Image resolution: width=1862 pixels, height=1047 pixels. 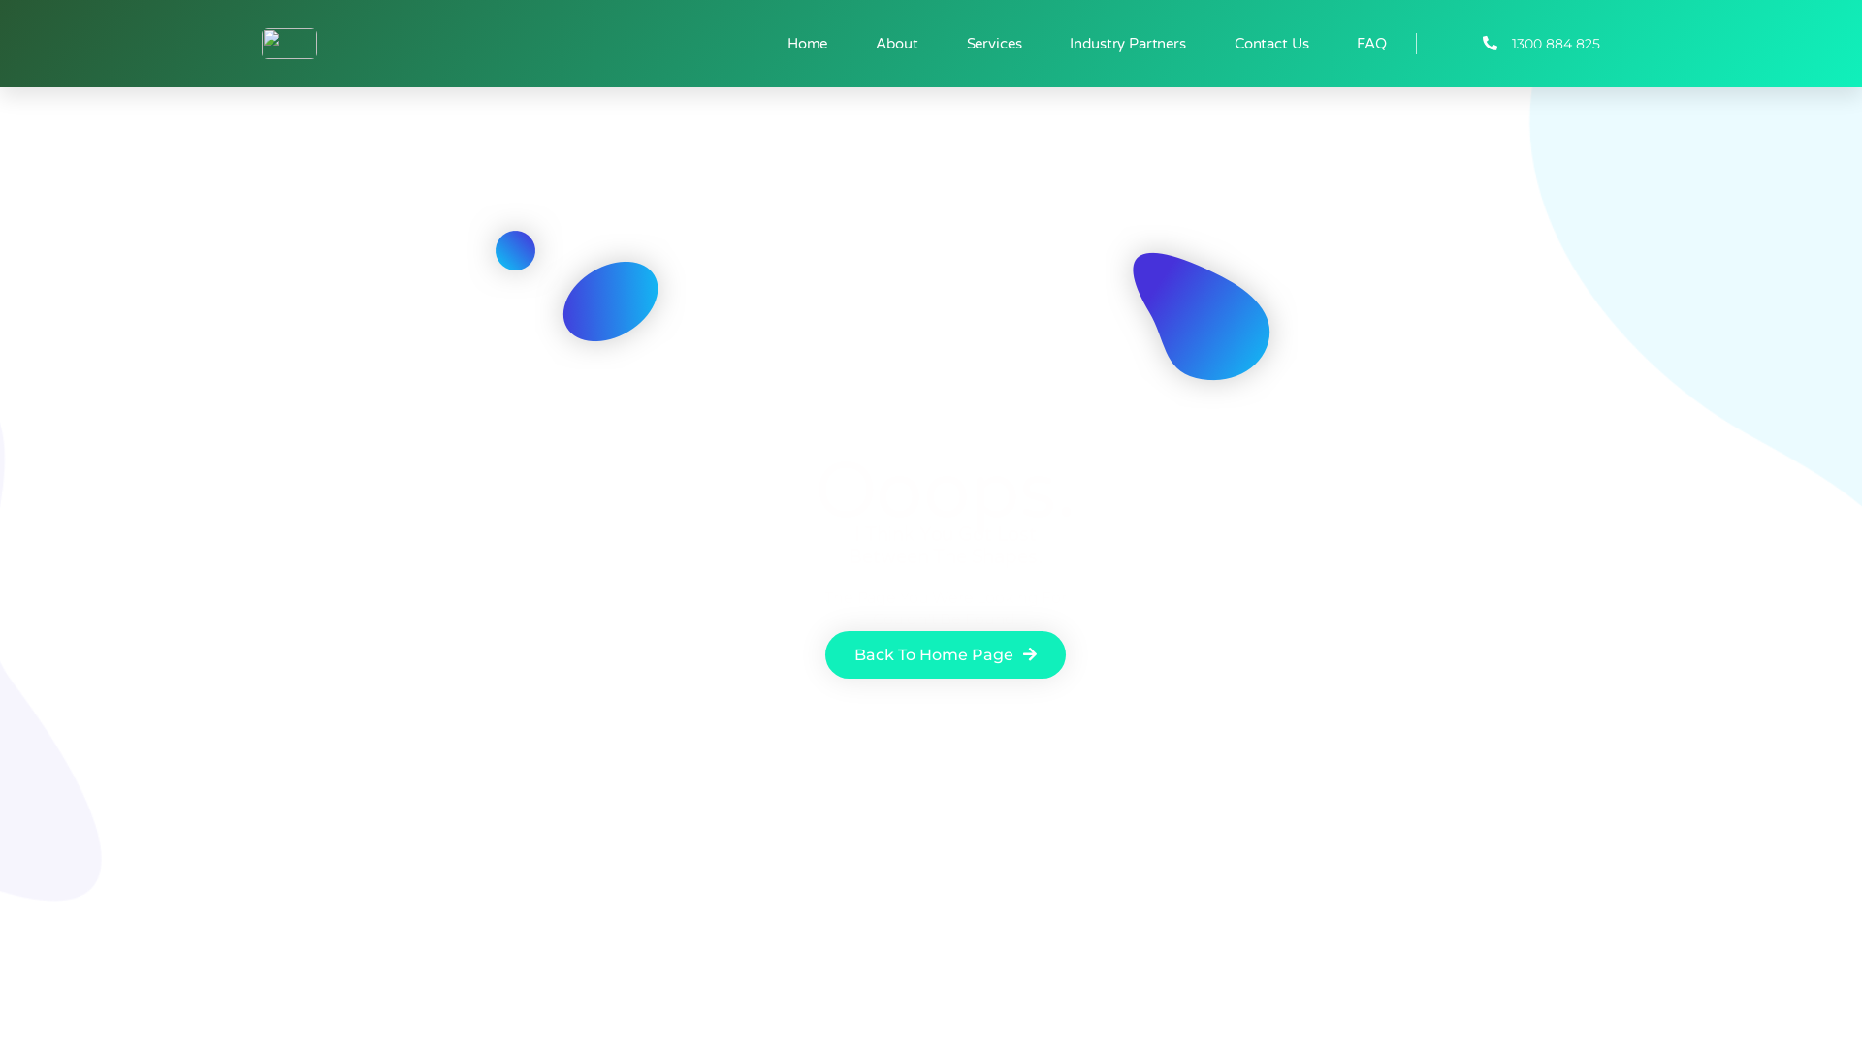 What do you see at coordinates (1127, 44) in the screenshot?
I see `'Industry Partners'` at bounding box center [1127, 44].